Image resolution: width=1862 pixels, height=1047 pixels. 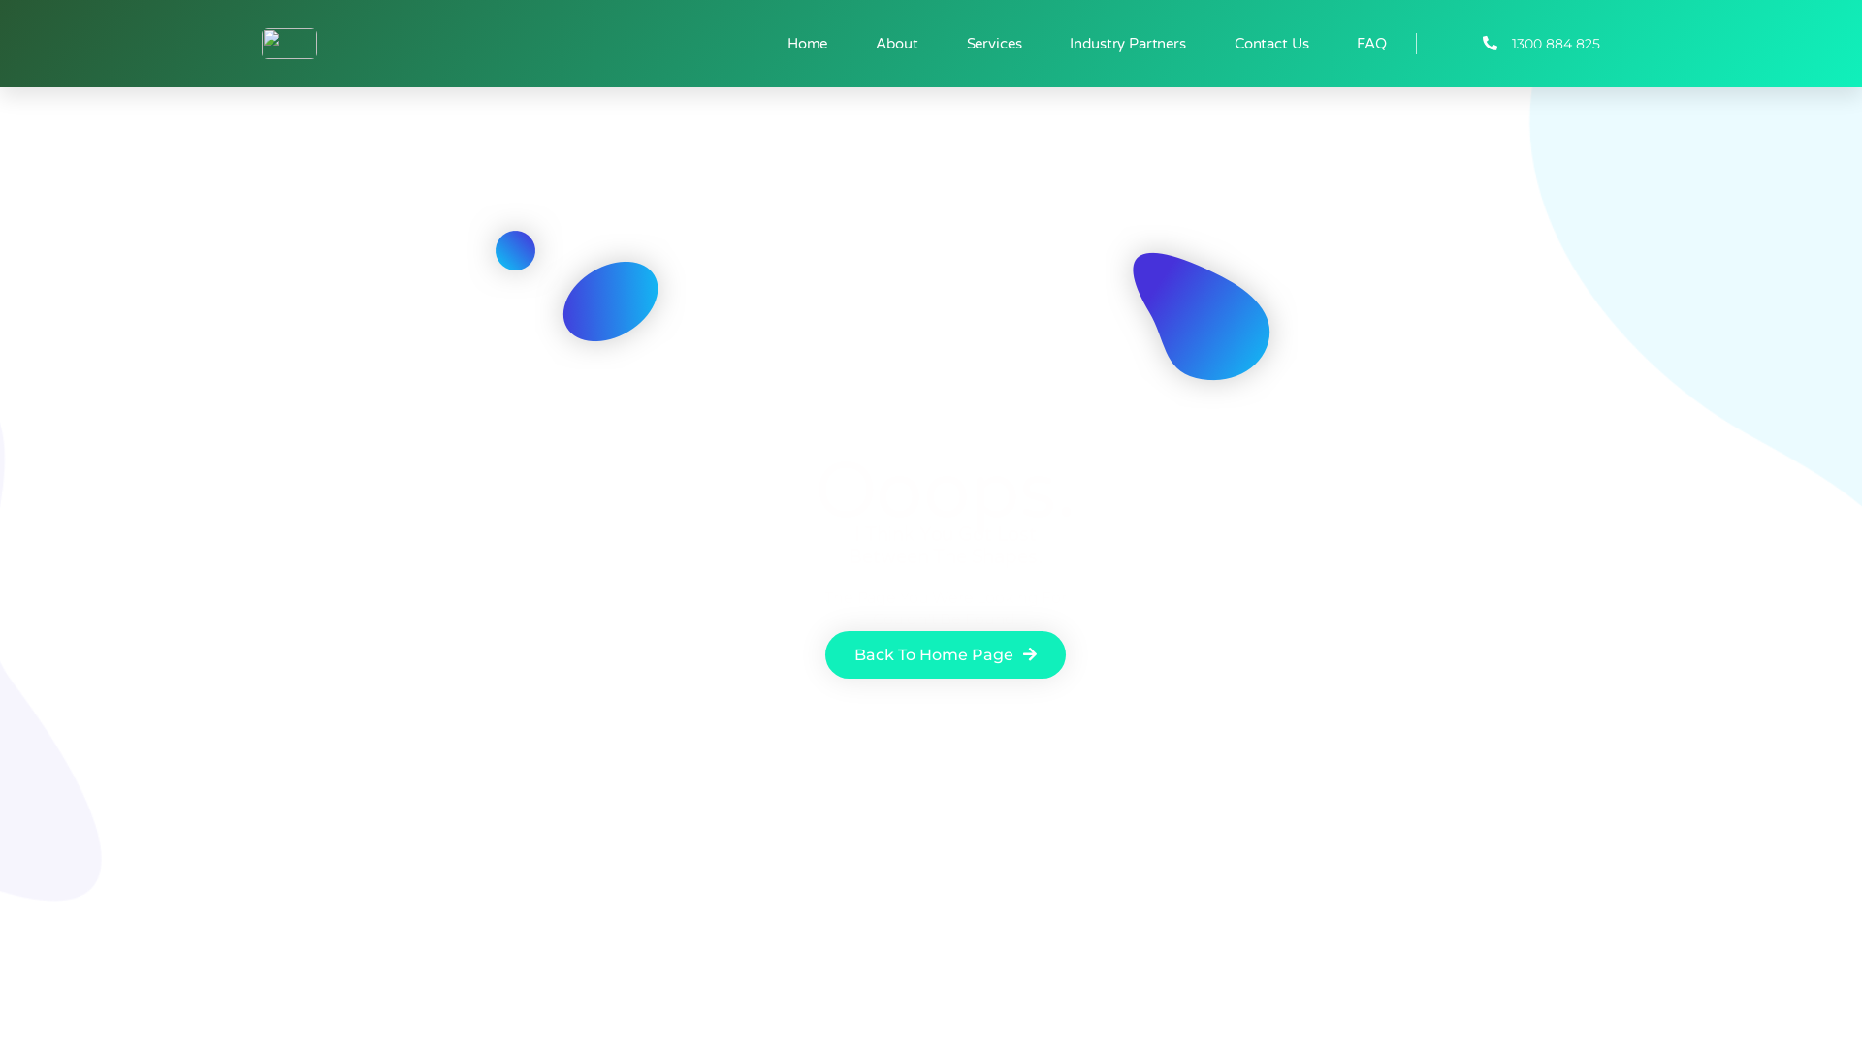 What do you see at coordinates (1127, 44) in the screenshot?
I see `'Industry Partners'` at bounding box center [1127, 44].